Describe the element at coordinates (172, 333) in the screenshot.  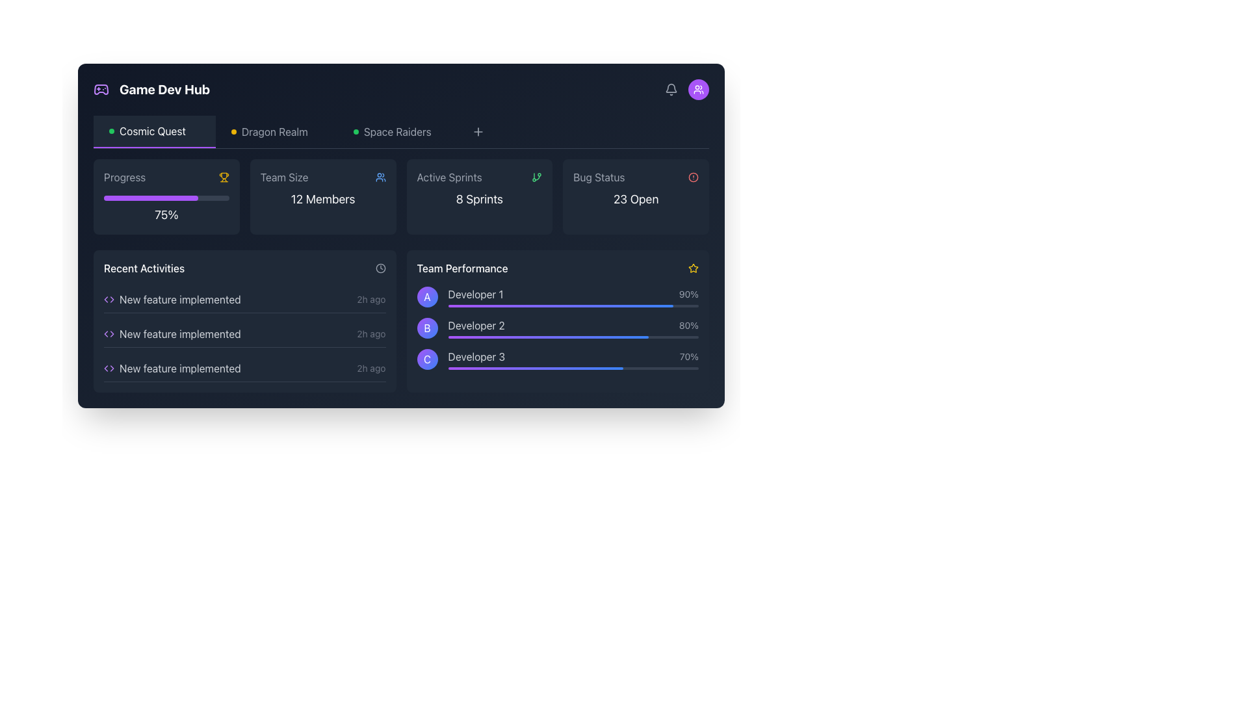
I see `the second item in the 'Recent Activities' list` at that location.